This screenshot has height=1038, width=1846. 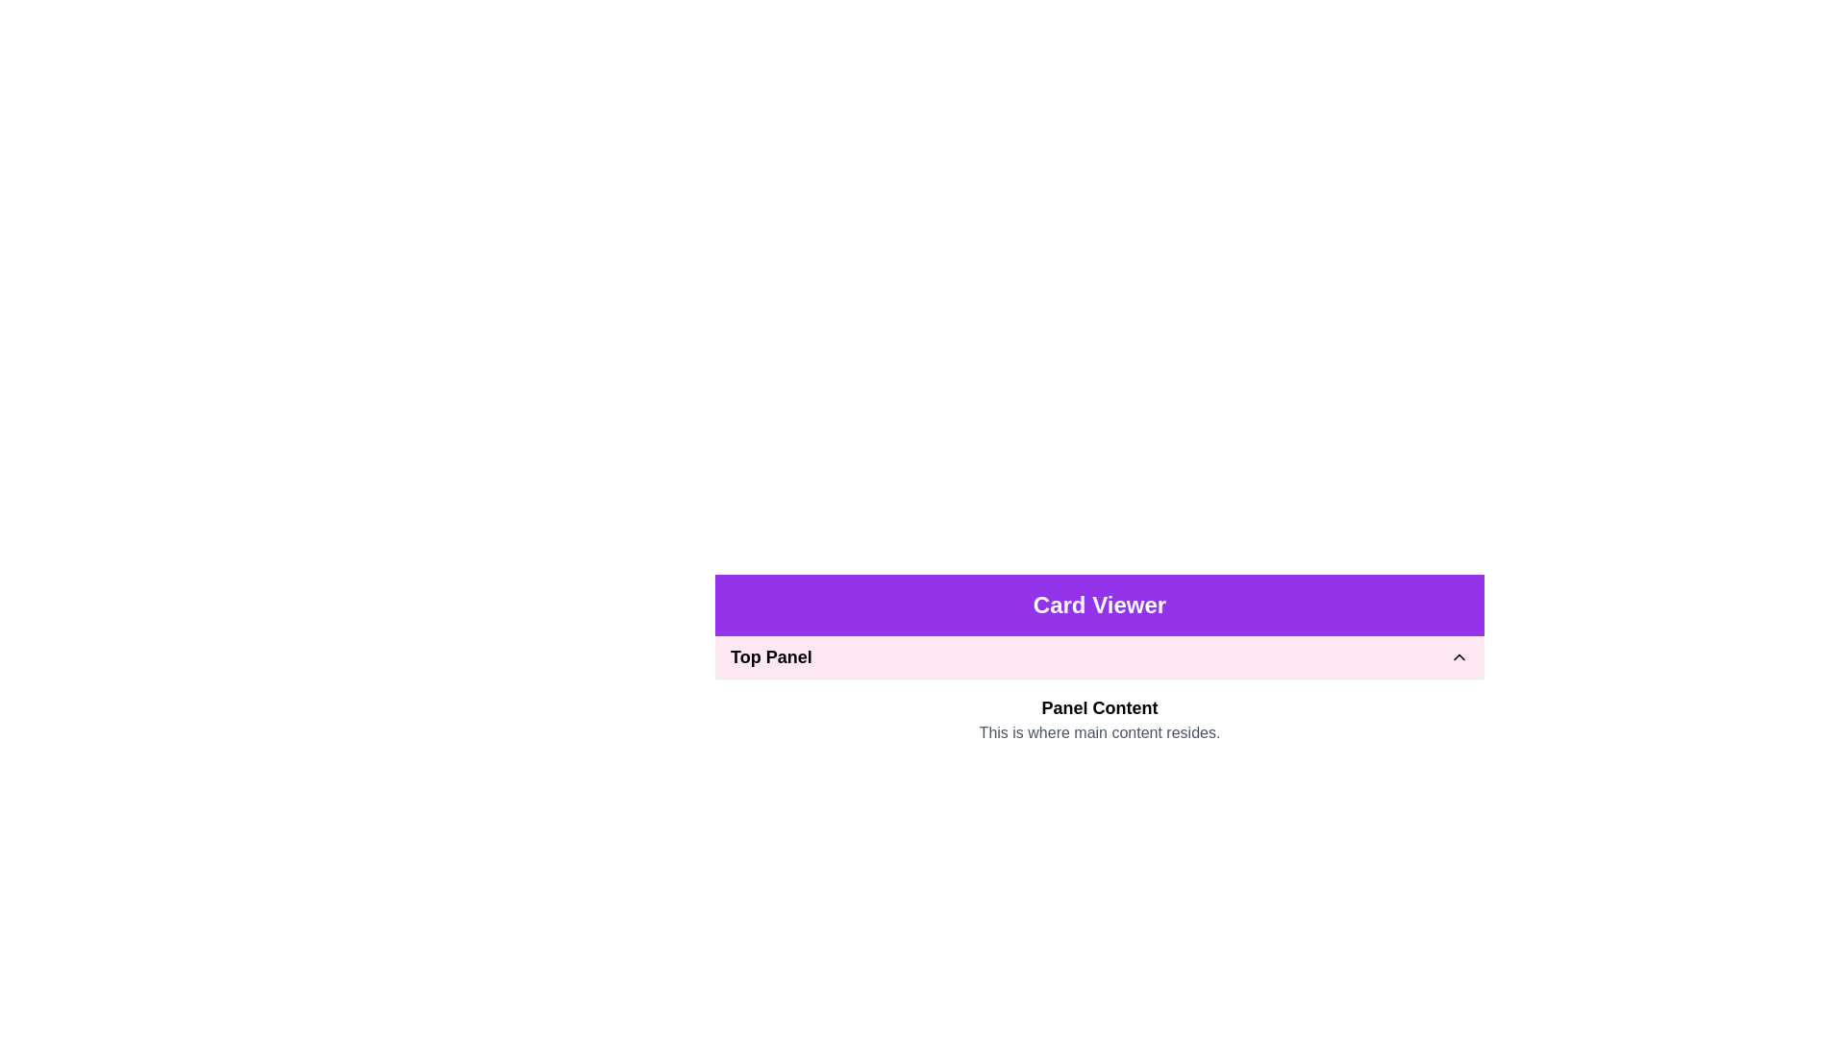 I want to click on the small black triangular chevron icon located on the right side of the 'Top Panel' section, so click(x=1459, y=655).